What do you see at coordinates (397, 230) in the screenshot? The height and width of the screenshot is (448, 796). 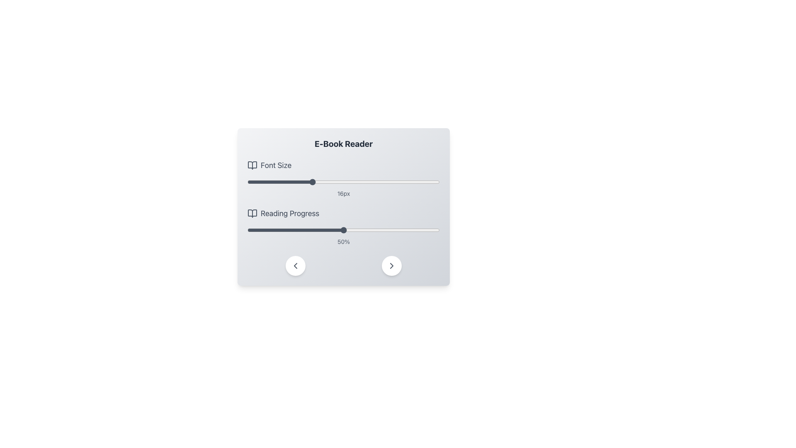 I see `the reading progress` at bounding box center [397, 230].